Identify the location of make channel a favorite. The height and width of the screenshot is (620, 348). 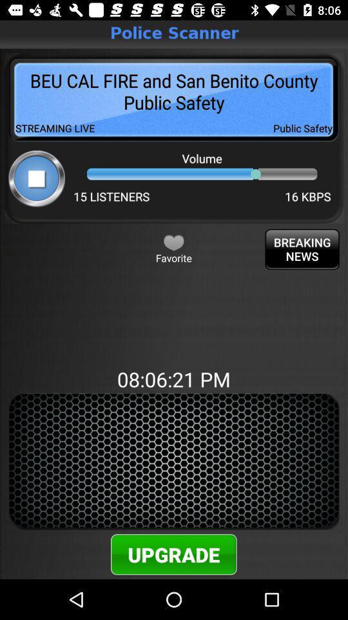
(173, 242).